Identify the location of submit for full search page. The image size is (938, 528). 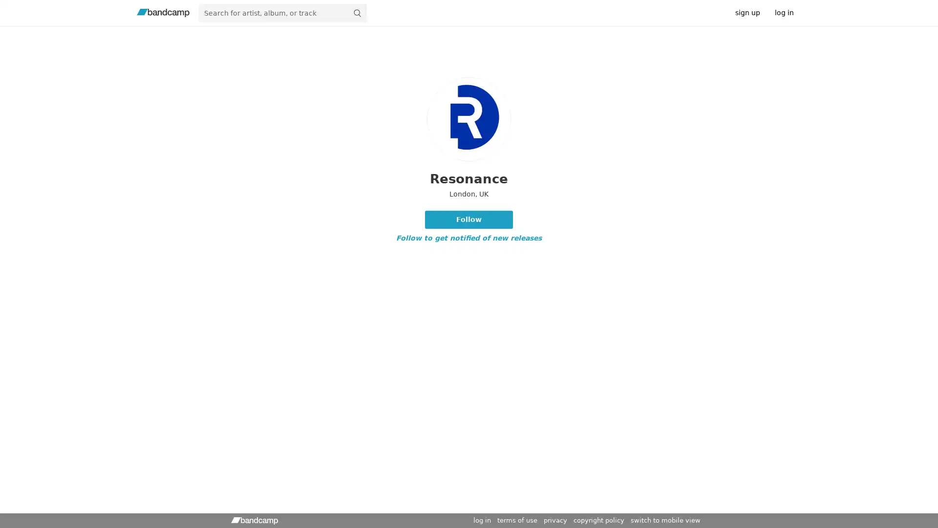
(356, 13).